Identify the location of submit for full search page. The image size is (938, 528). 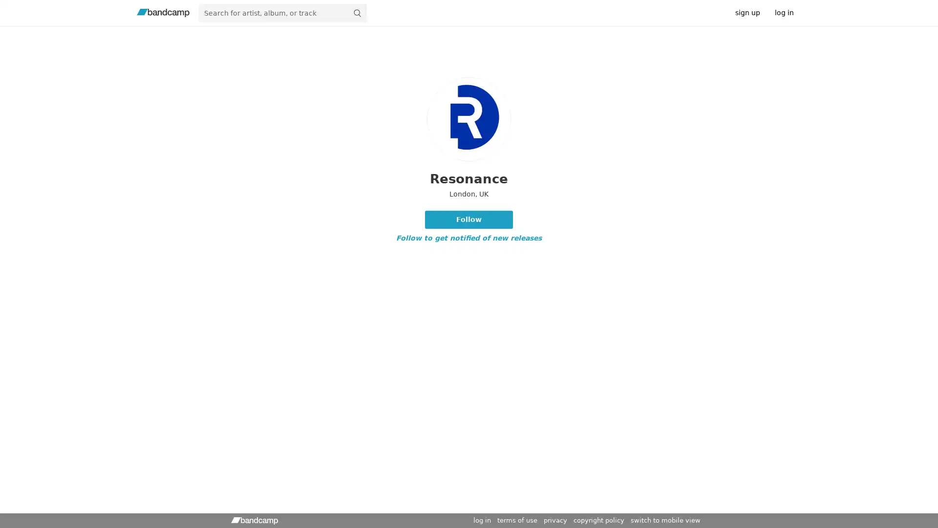
(356, 13).